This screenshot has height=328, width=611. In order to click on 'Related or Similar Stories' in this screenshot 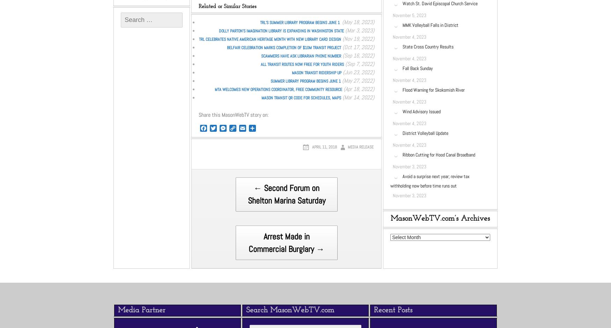, I will do `click(227, 6)`.